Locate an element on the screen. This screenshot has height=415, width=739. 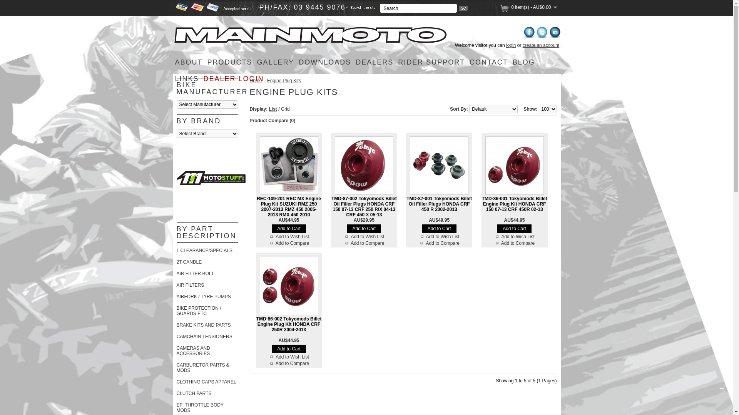
'login' is located at coordinates (511, 45).